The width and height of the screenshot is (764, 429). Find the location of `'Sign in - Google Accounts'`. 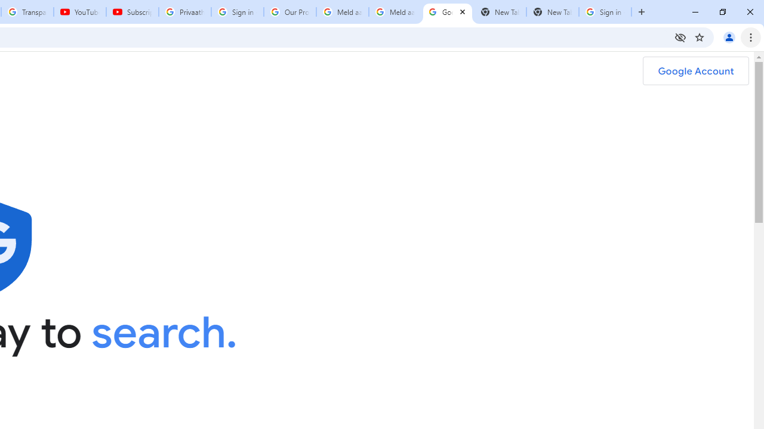

'Sign in - Google Accounts' is located at coordinates (605, 12).